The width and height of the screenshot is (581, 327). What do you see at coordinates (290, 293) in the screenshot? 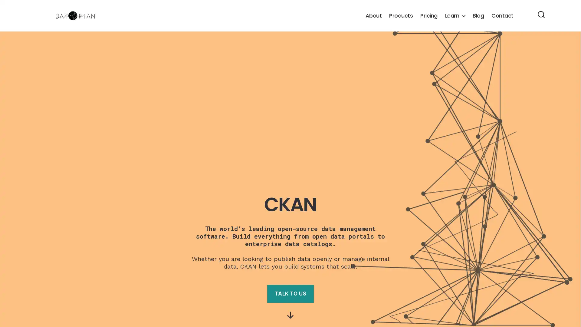
I see `TALK TO US` at bounding box center [290, 293].